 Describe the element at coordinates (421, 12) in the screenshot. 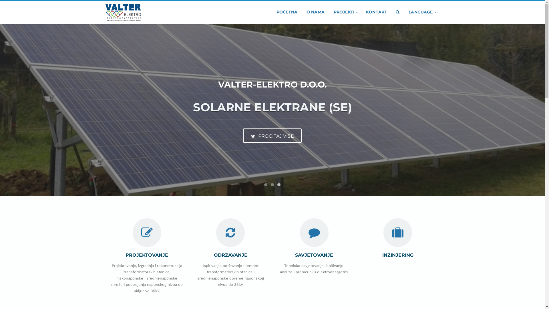

I see `'LANGUAGE'` at that location.